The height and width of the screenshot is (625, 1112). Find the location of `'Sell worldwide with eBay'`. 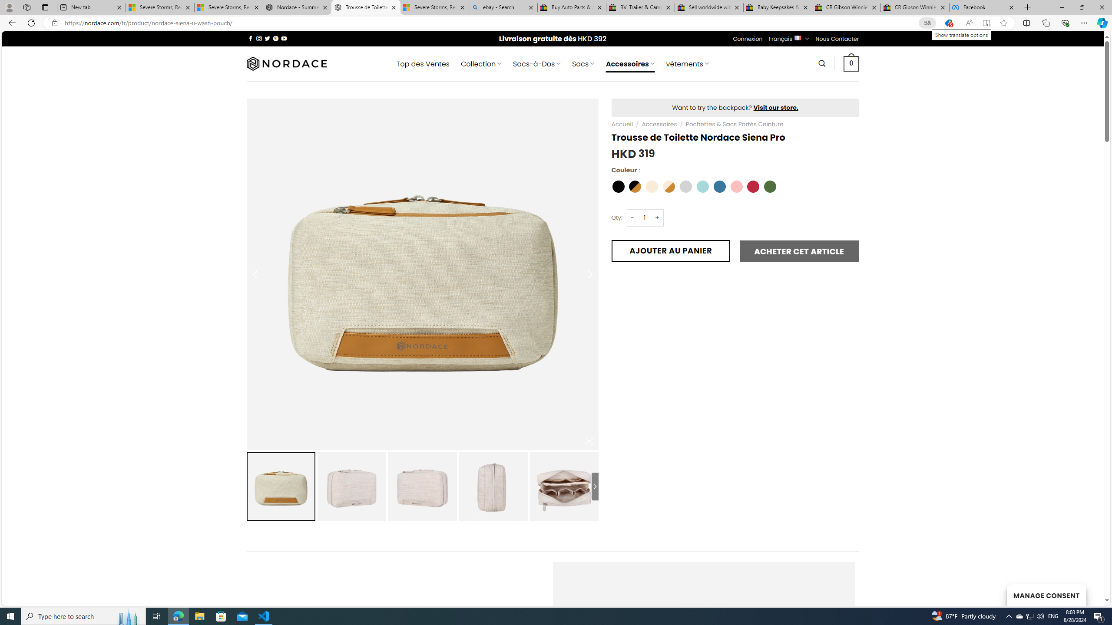

'Sell worldwide with eBay' is located at coordinates (709, 7).